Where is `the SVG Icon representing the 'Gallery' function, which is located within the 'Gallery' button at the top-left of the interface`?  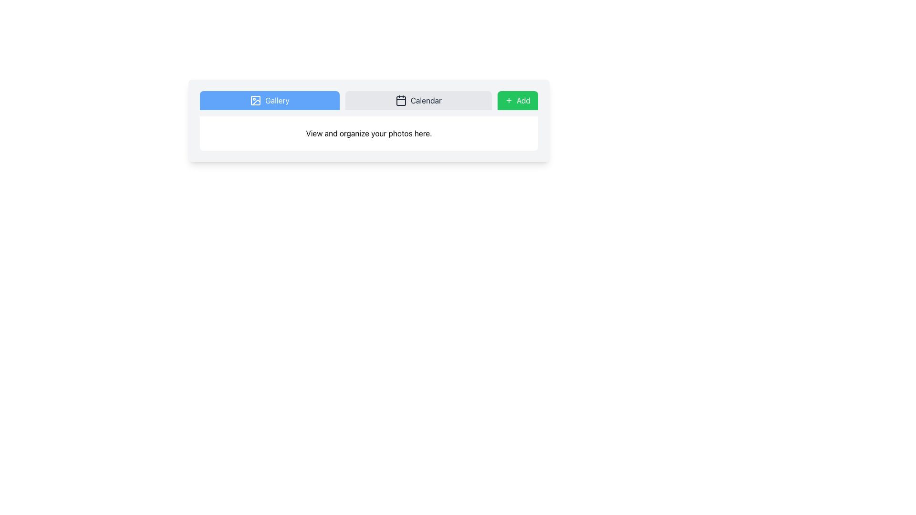 the SVG Icon representing the 'Gallery' function, which is located within the 'Gallery' button at the top-left of the interface is located at coordinates (256, 101).